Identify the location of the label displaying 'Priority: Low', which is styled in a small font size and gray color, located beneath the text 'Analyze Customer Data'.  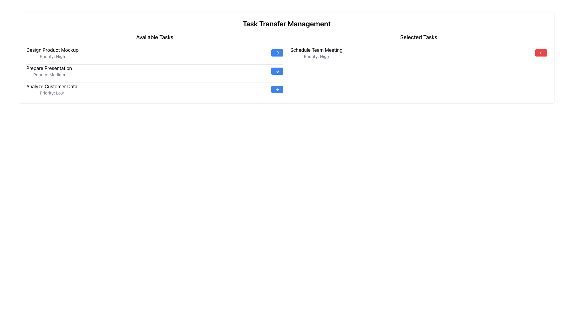
(52, 93).